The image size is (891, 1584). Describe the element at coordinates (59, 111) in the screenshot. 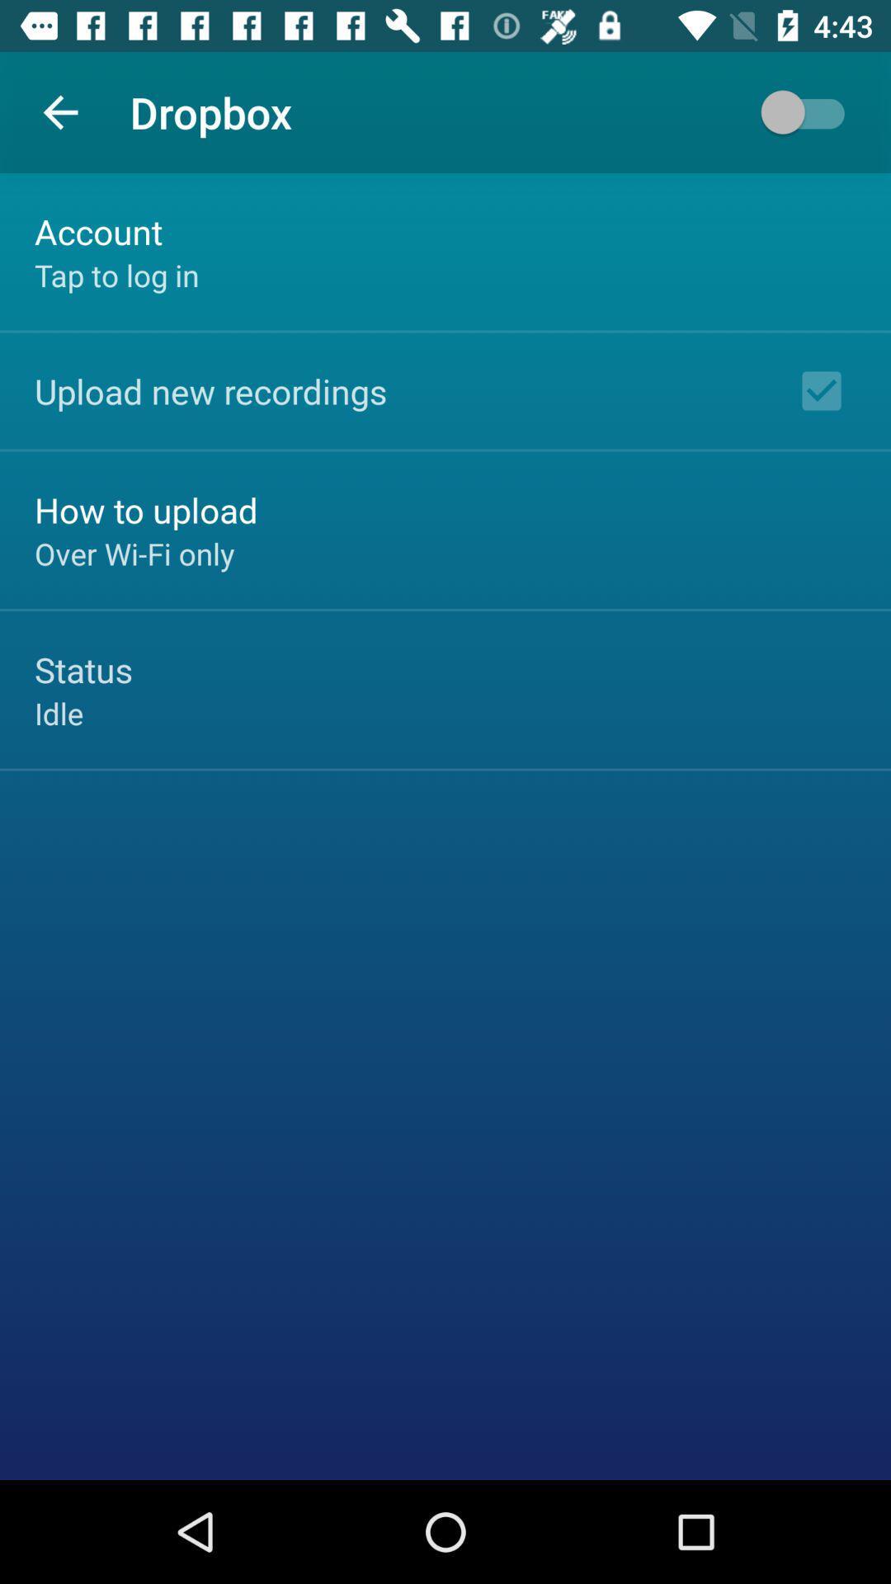

I see `the icon above account` at that location.